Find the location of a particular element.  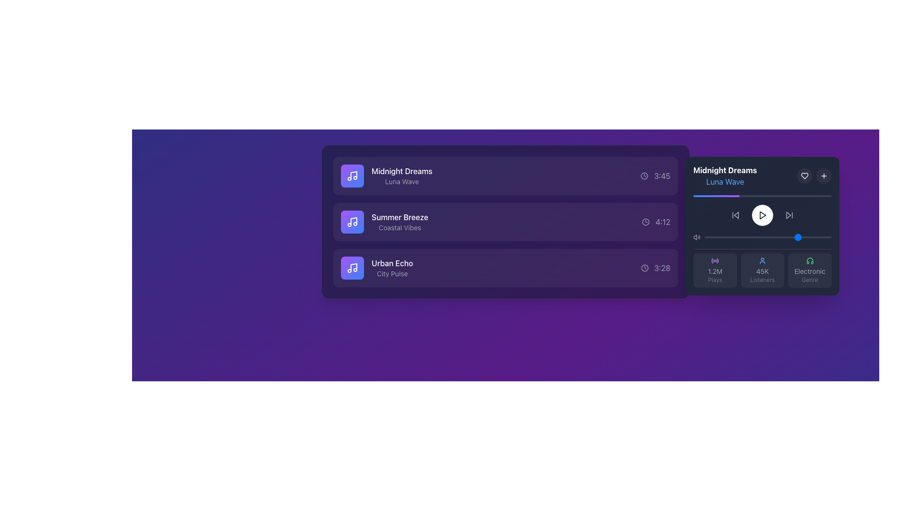

the Text Display element that shows the number of plays, located in the 'Plays' section at the bottom-left of the panel is located at coordinates (715, 271).